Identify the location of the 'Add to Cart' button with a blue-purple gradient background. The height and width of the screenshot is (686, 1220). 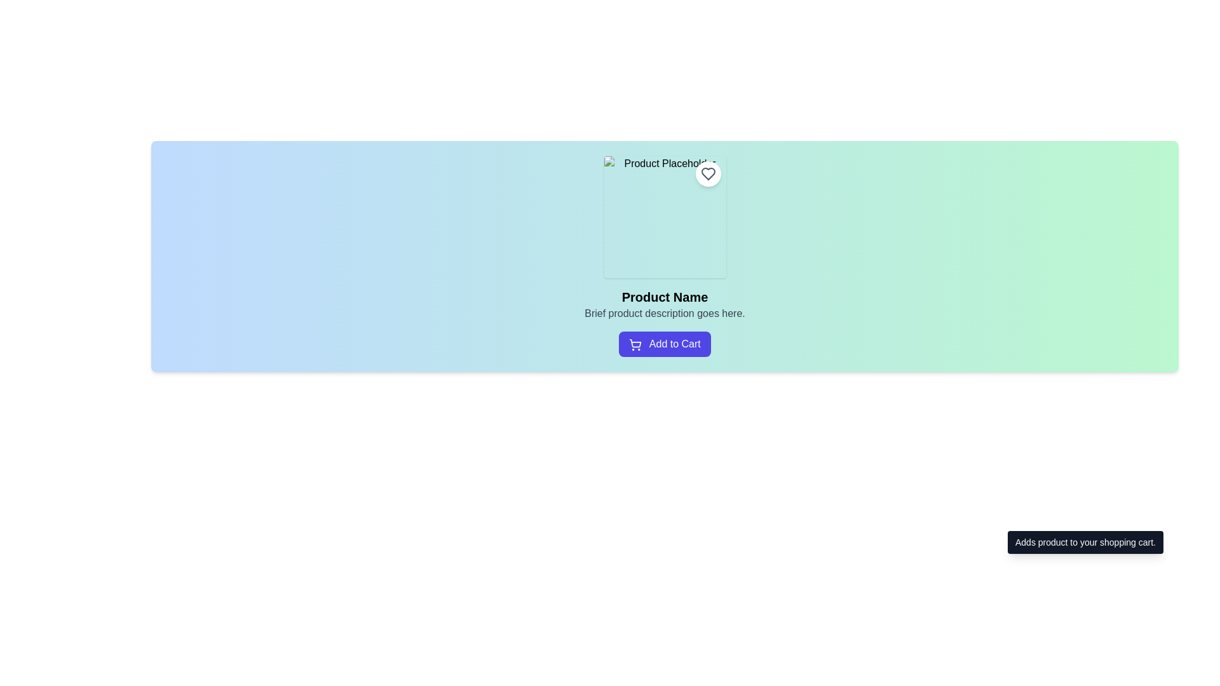
(664, 344).